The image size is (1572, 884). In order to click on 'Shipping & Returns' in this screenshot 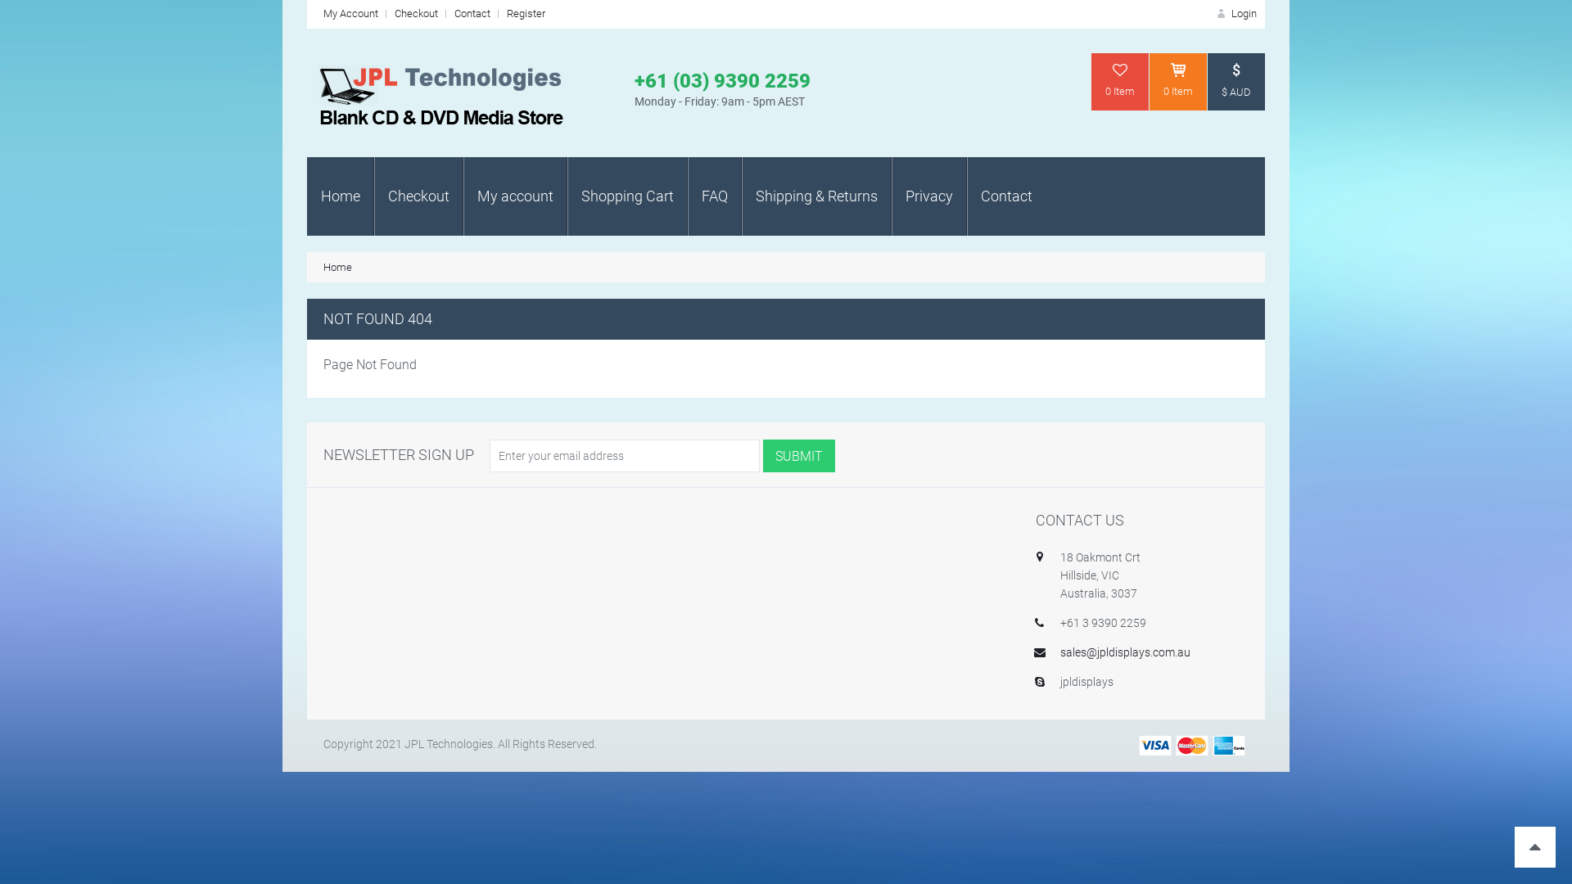, I will do `click(816, 195)`.